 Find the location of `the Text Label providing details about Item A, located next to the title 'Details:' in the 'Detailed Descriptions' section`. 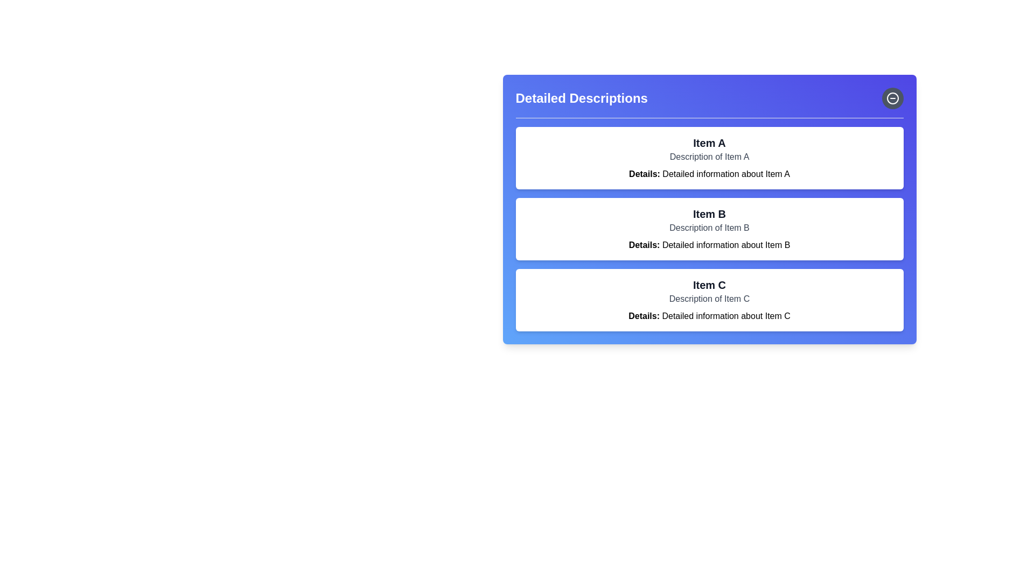

the Text Label providing details about Item A, located next to the title 'Details:' in the 'Detailed Descriptions' section is located at coordinates (726, 173).